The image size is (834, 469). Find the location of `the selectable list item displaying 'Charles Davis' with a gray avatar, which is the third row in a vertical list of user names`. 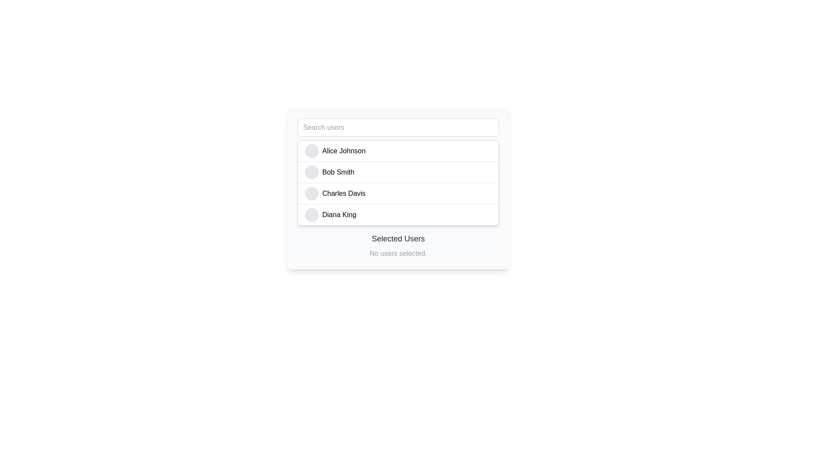

the selectable list item displaying 'Charles Davis' with a gray avatar, which is the third row in a vertical list of user names is located at coordinates (397, 192).